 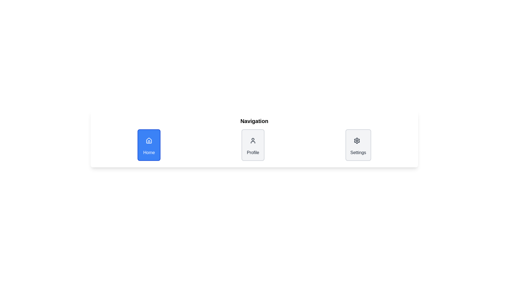 What do you see at coordinates (149, 152) in the screenshot?
I see `the 'Home' navigation text label located below the house icon within the vertically oriented card on the left side of the navigation layout` at bounding box center [149, 152].